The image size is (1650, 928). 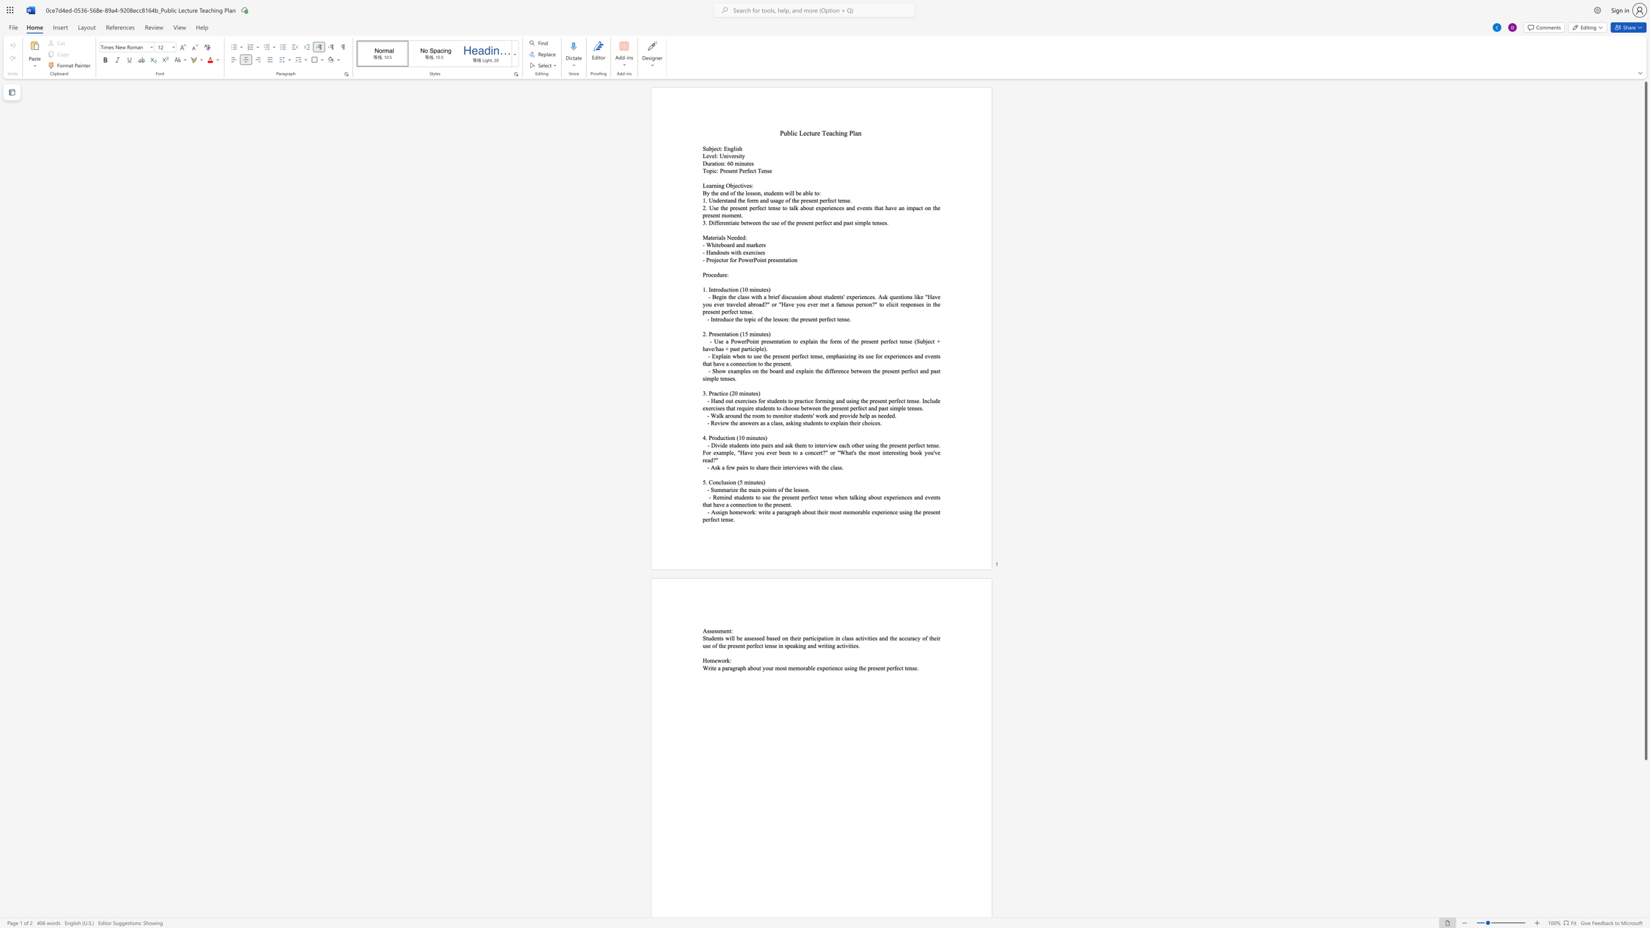 What do you see at coordinates (1645, 906) in the screenshot?
I see `the scrollbar on the side` at bounding box center [1645, 906].